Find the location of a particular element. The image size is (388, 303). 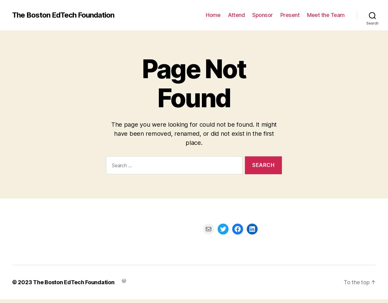

'Present' is located at coordinates (289, 15).